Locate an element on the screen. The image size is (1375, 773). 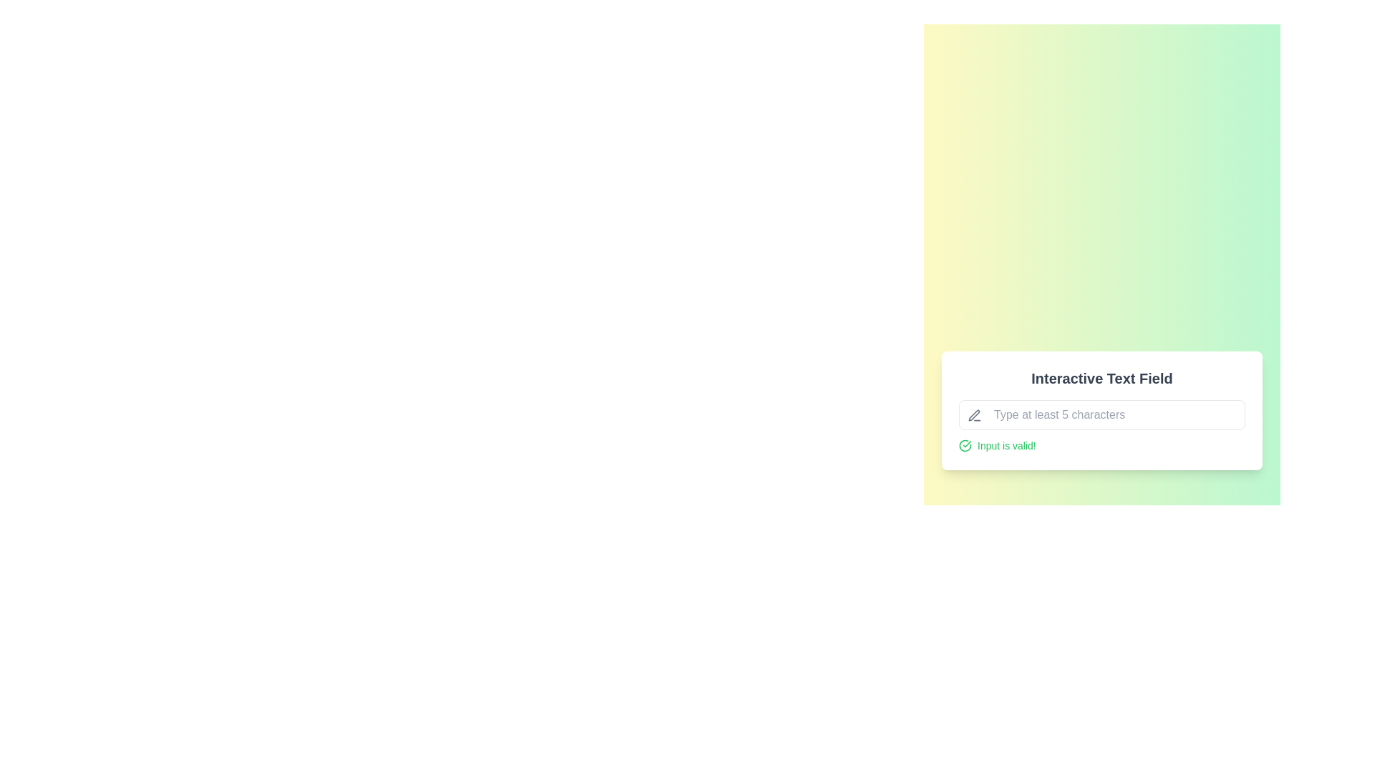
the Graphics icon (pen) located near the left edge of the text input field labeled 'Type at least 5 characters.' is located at coordinates (974, 415).